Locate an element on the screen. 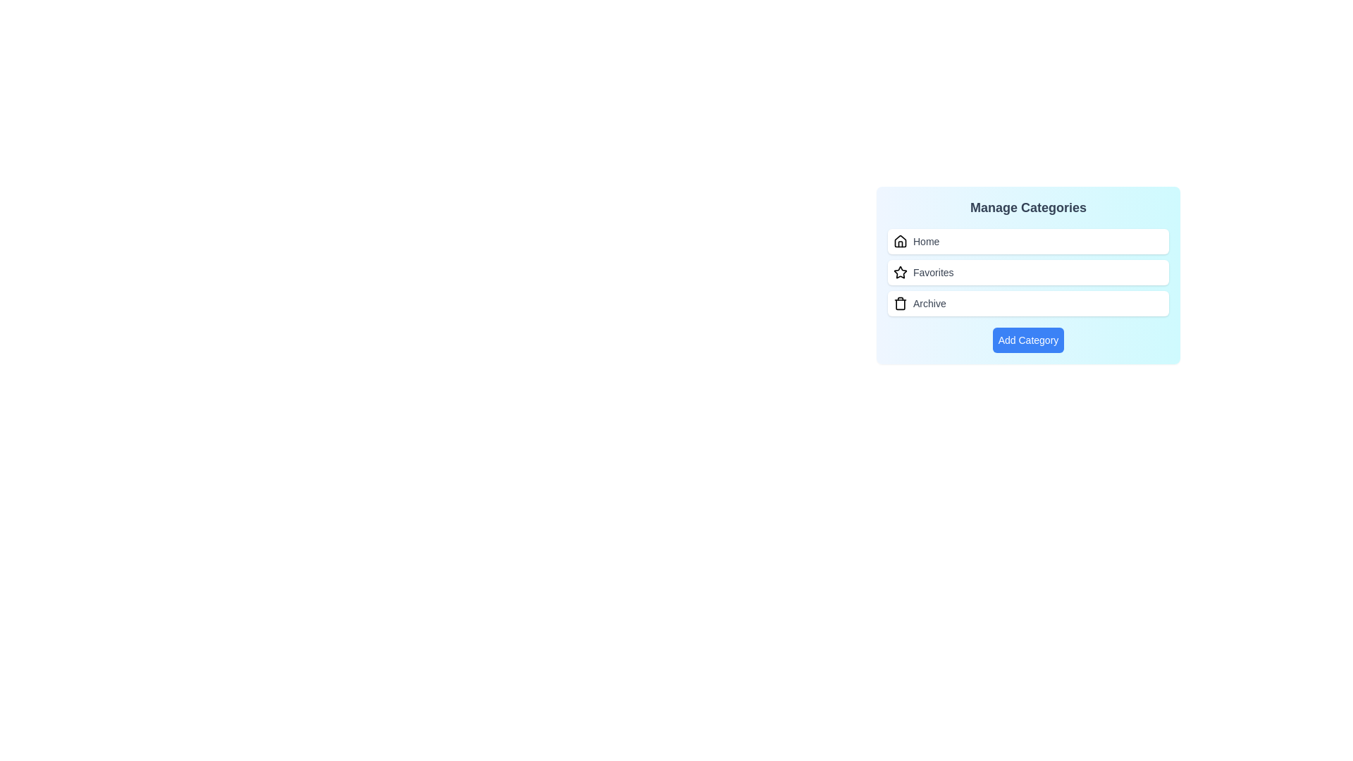 The image size is (1353, 761). the category Home to observe hover effects is located at coordinates (1028, 241).